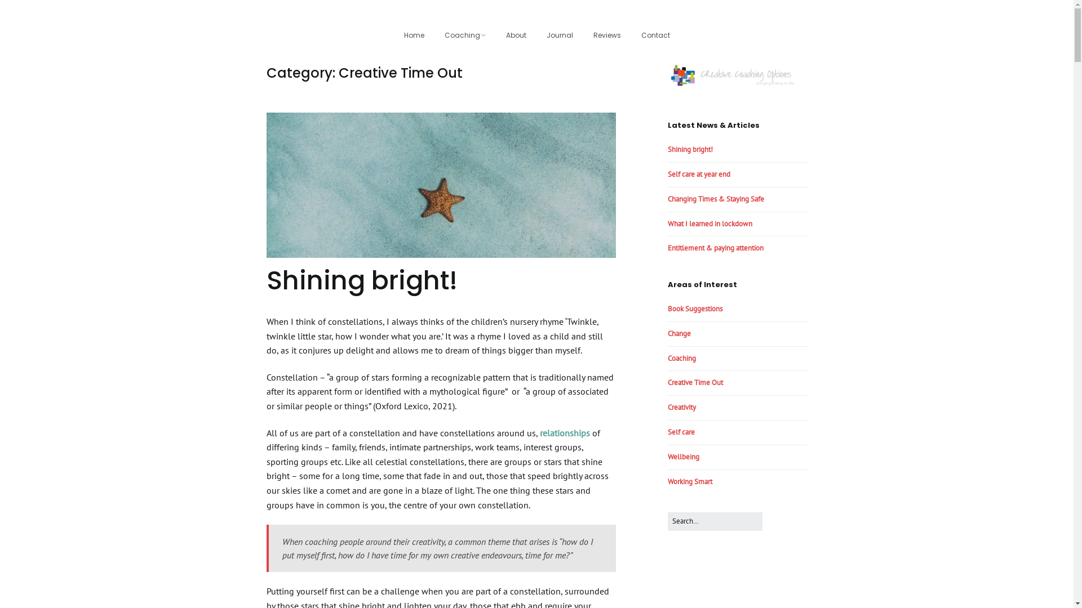  Describe the element at coordinates (584, 35) in the screenshot. I see `'Reviews'` at that location.